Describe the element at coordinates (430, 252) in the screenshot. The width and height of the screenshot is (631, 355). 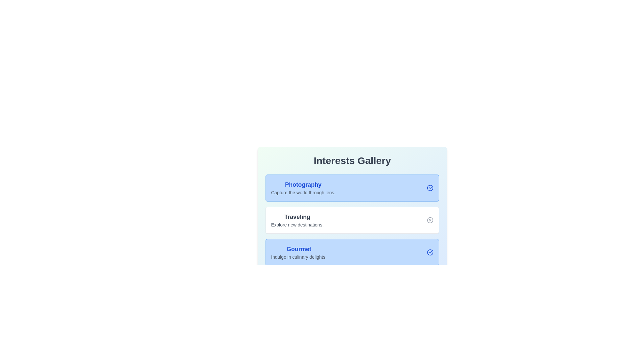
I see `the interest item Gourmet` at that location.